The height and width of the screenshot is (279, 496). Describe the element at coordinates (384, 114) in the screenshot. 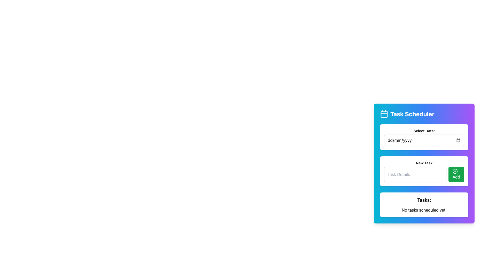

I see `the main content area of the calendar icon, which is represented by a rectangular shape with rounded corners located in the top-left corner of the interface` at that location.